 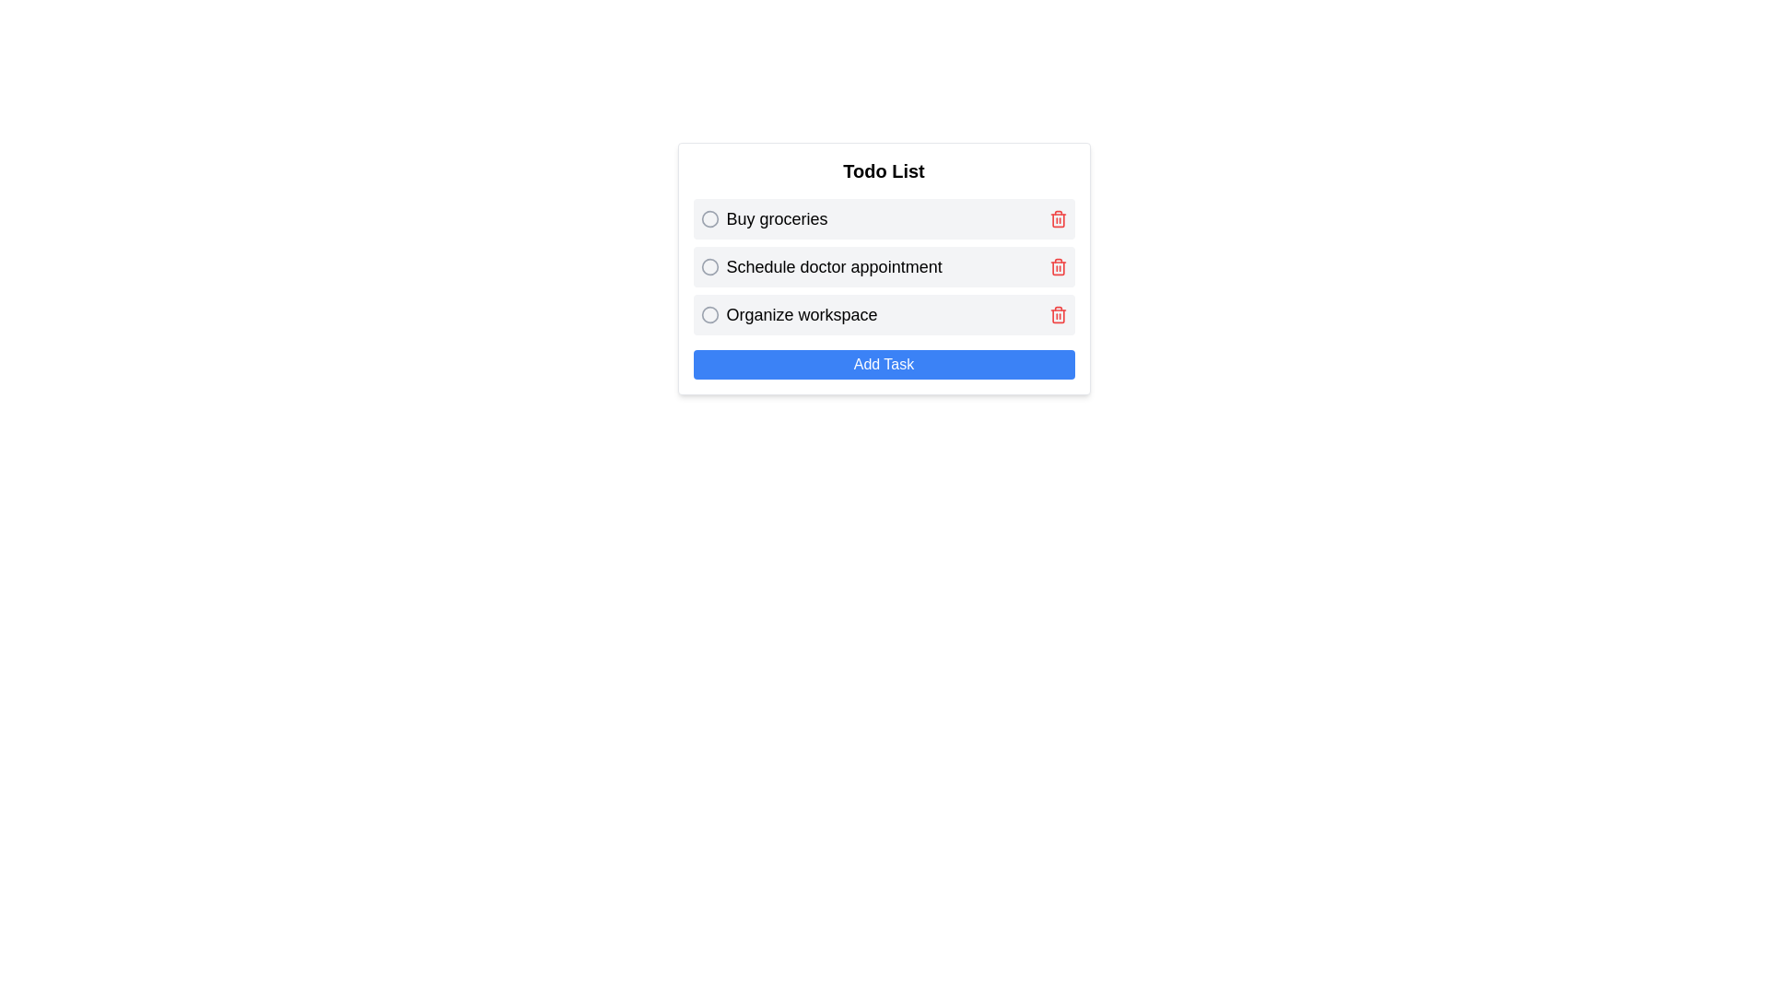 I want to click on text of the label that indicates the first task in the to-do list, which is titled 'Buy groceries.', so click(x=777, y=218).